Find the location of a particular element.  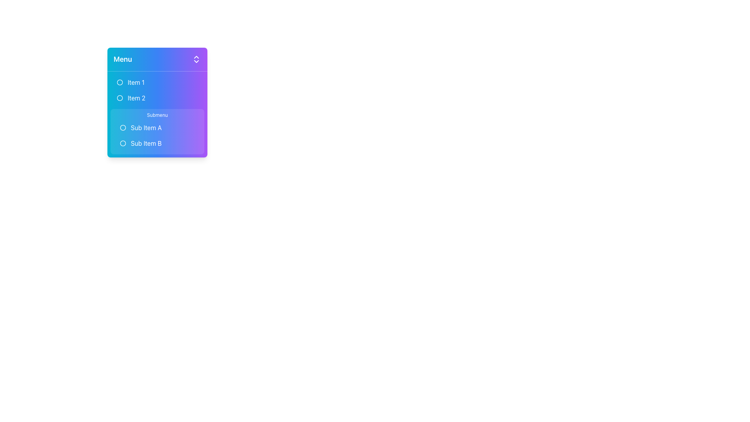

the blue circular graphic element located under the 'Sub Item B' text in the submenu section of the UI is located at coordinates (123, 143).